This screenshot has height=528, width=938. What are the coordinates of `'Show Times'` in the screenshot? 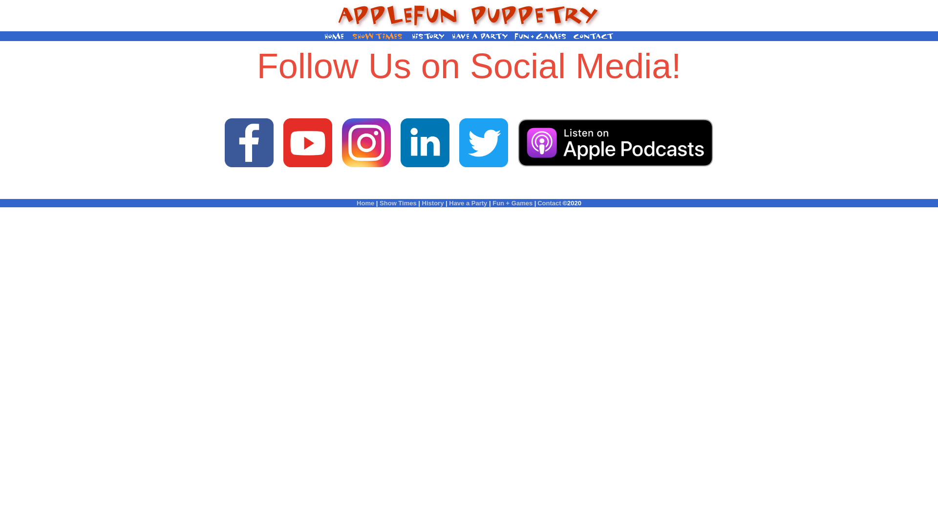 It's located at (379, 202).